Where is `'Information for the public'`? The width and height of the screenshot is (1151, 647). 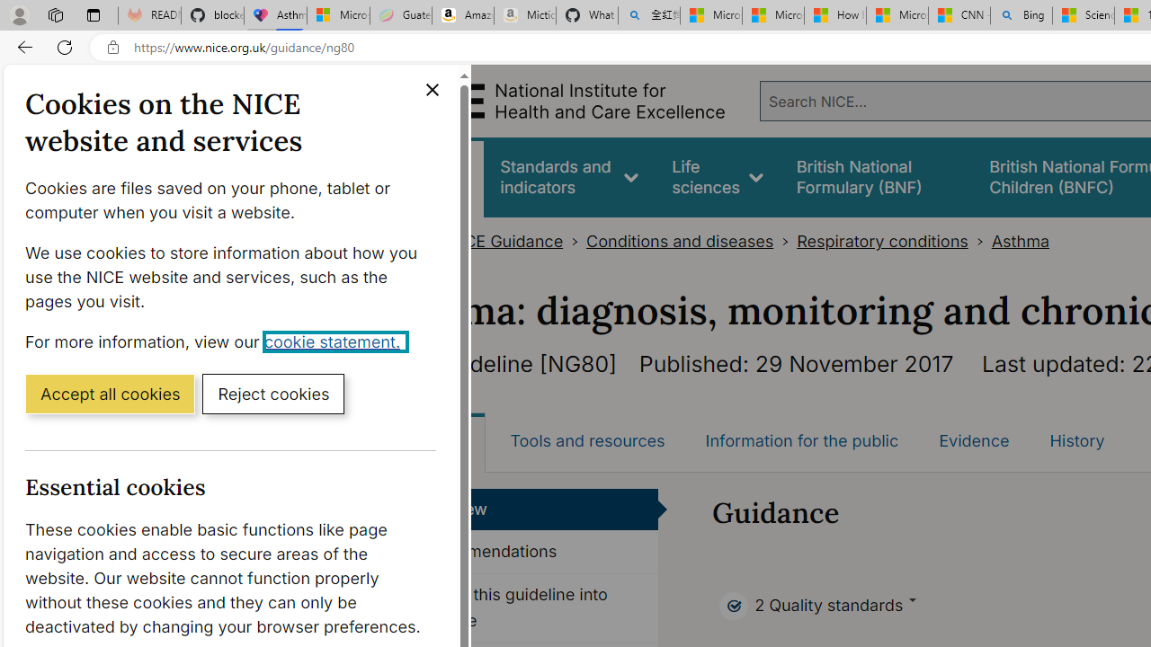 'Information for the public' is located at coordinates (800, 441).